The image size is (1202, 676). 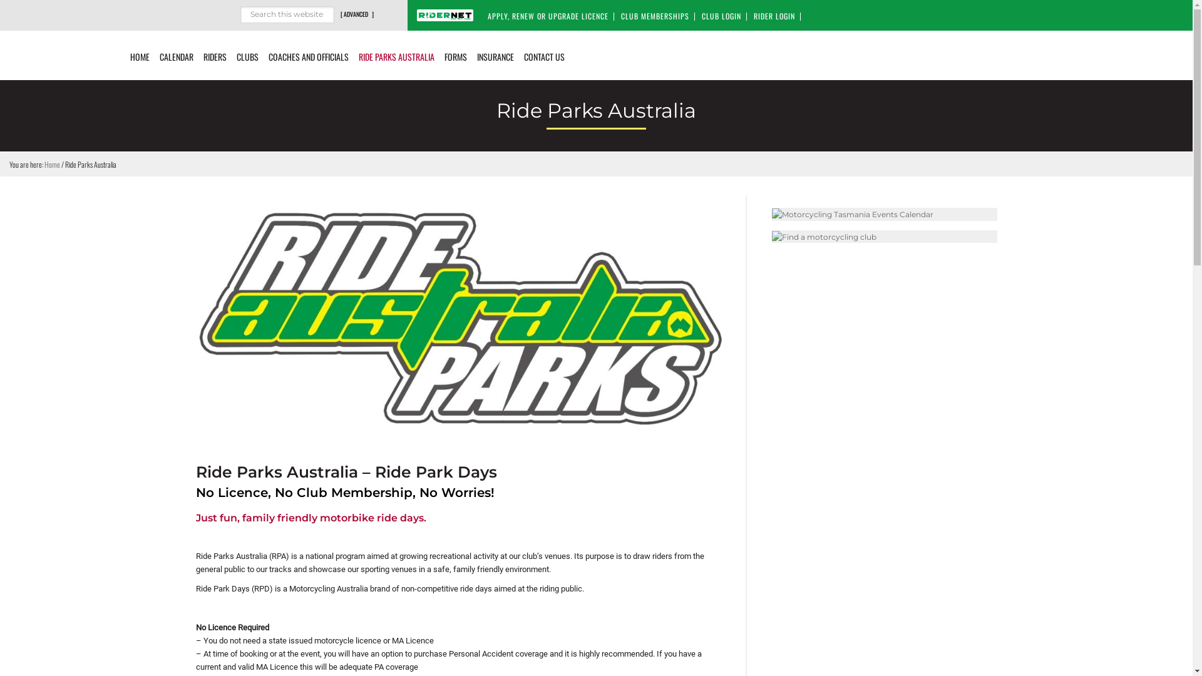 What do you see at coordinates (548, 16) in the screenshot?
I see `'APPLY, RENEW OR UPGRADE LICENCE'` at bounding box center [548, 16].